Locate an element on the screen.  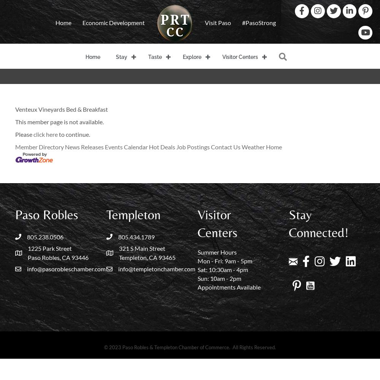
'Explore' is located at coordinates (192, 57).